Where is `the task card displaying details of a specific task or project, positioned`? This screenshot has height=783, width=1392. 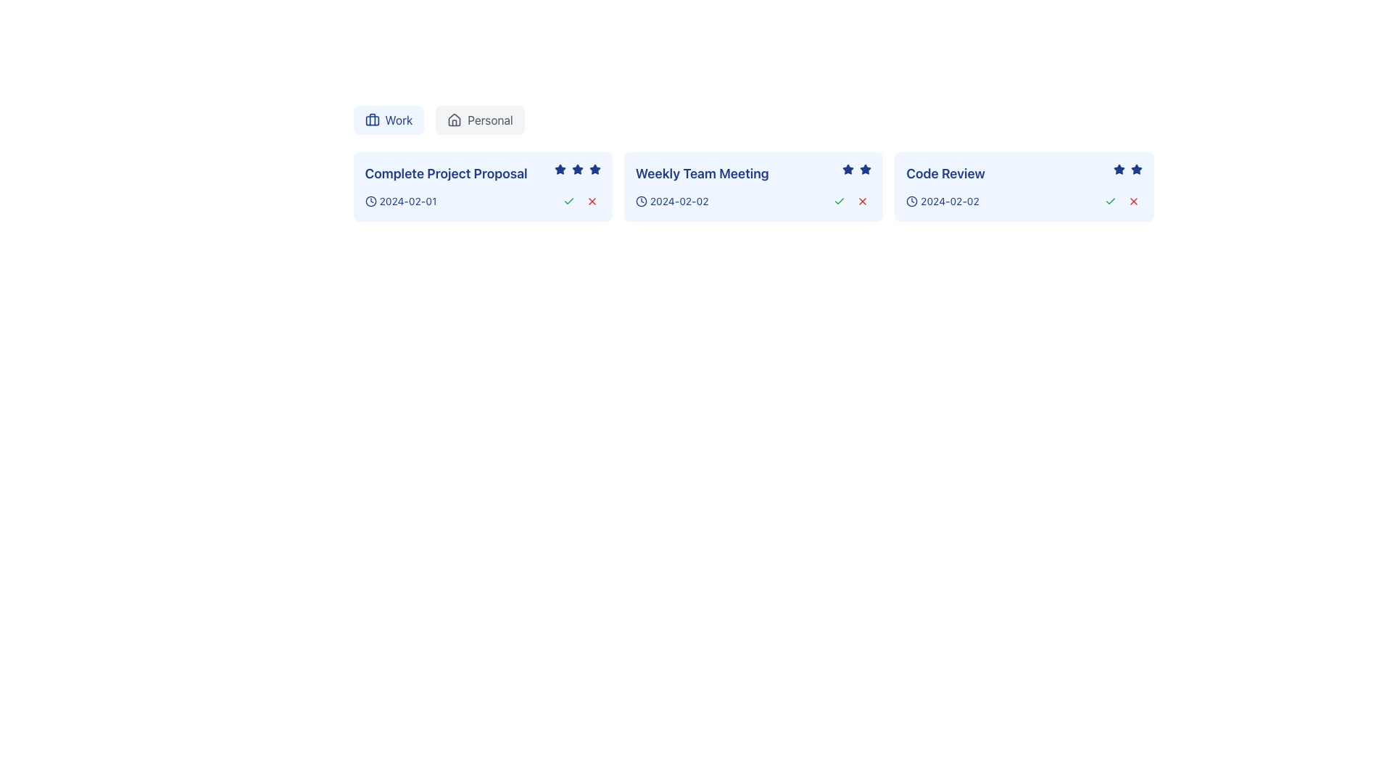 the task card displaying details of a specific task or project, positioned is located at coordinates (483, 186).